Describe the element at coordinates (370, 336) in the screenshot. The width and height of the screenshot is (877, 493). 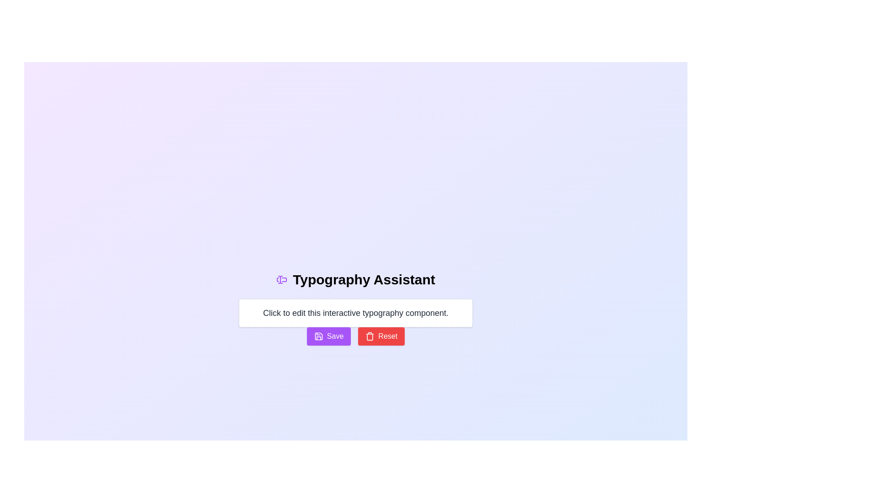
I see `the red trash can icon located on the left side of the 'Reset' button` at that location.